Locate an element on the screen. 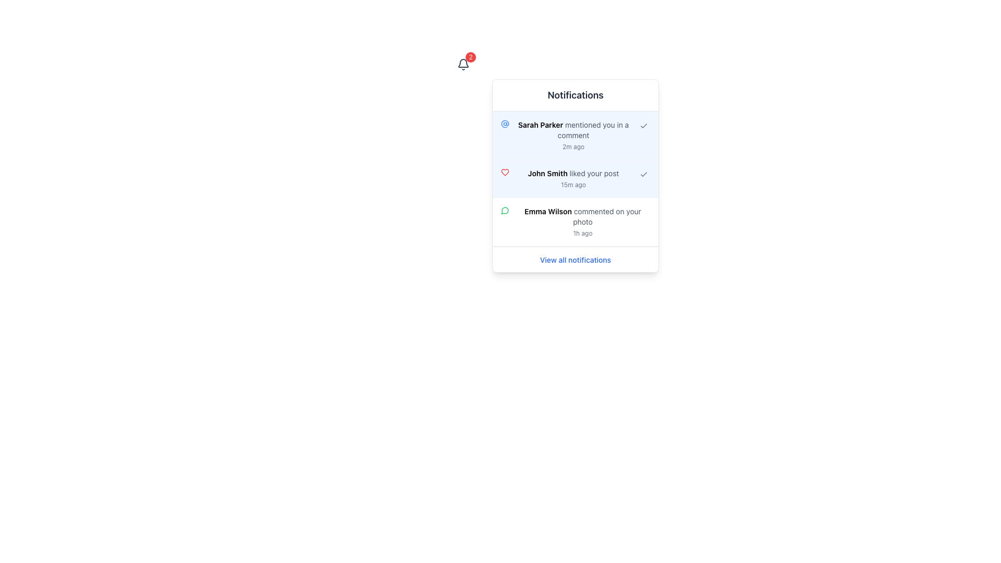  the Icon button with notification badge that features a bell icon and a red numeric badge displaying '2', located at the top left area of the notification panel is located at coordinates (462, 64).